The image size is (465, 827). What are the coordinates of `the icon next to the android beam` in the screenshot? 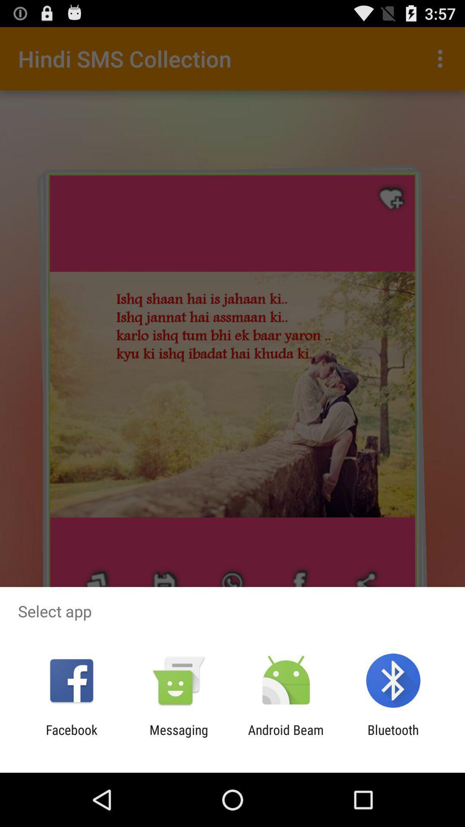 It's located at (178, 737).